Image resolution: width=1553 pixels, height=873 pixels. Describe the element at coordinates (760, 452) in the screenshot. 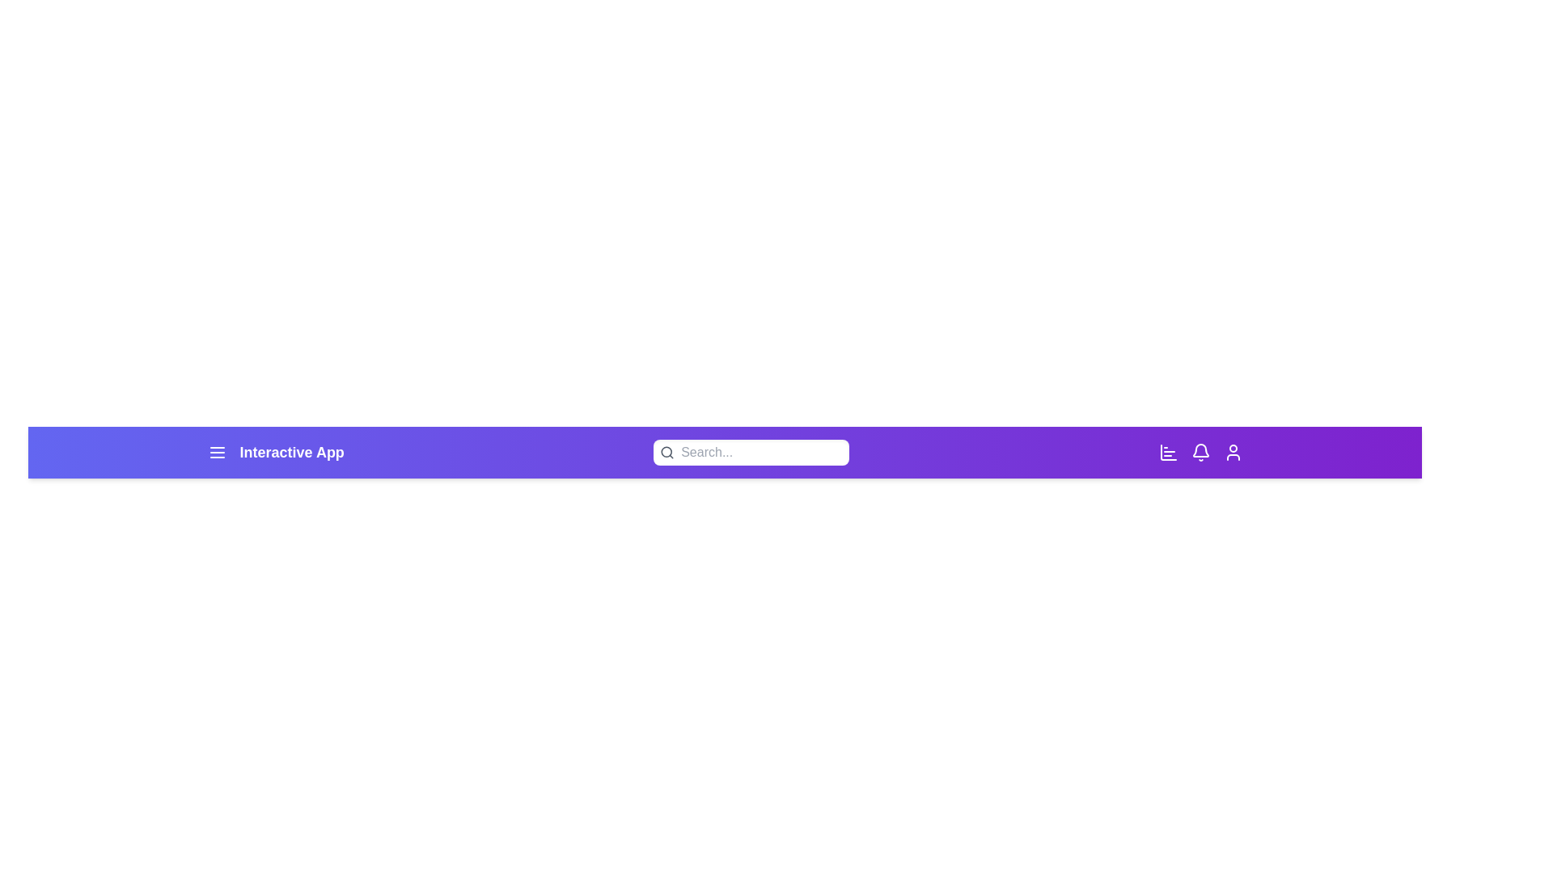

I see `the search input field and type 'example text'` at that location.